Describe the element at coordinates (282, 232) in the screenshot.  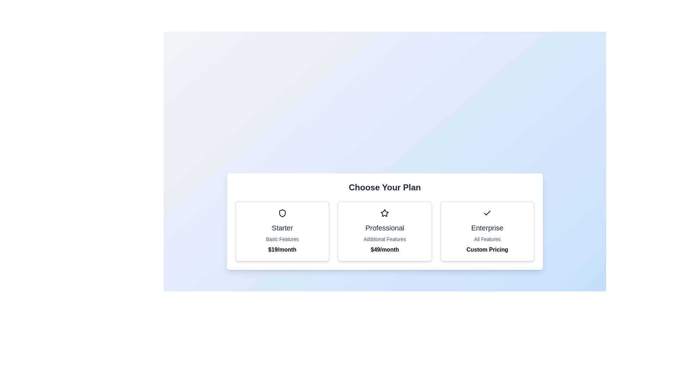
I see `the 'Starter' pricing plan card element, which is the first card in a horizontal grid of pricing options` at that location.